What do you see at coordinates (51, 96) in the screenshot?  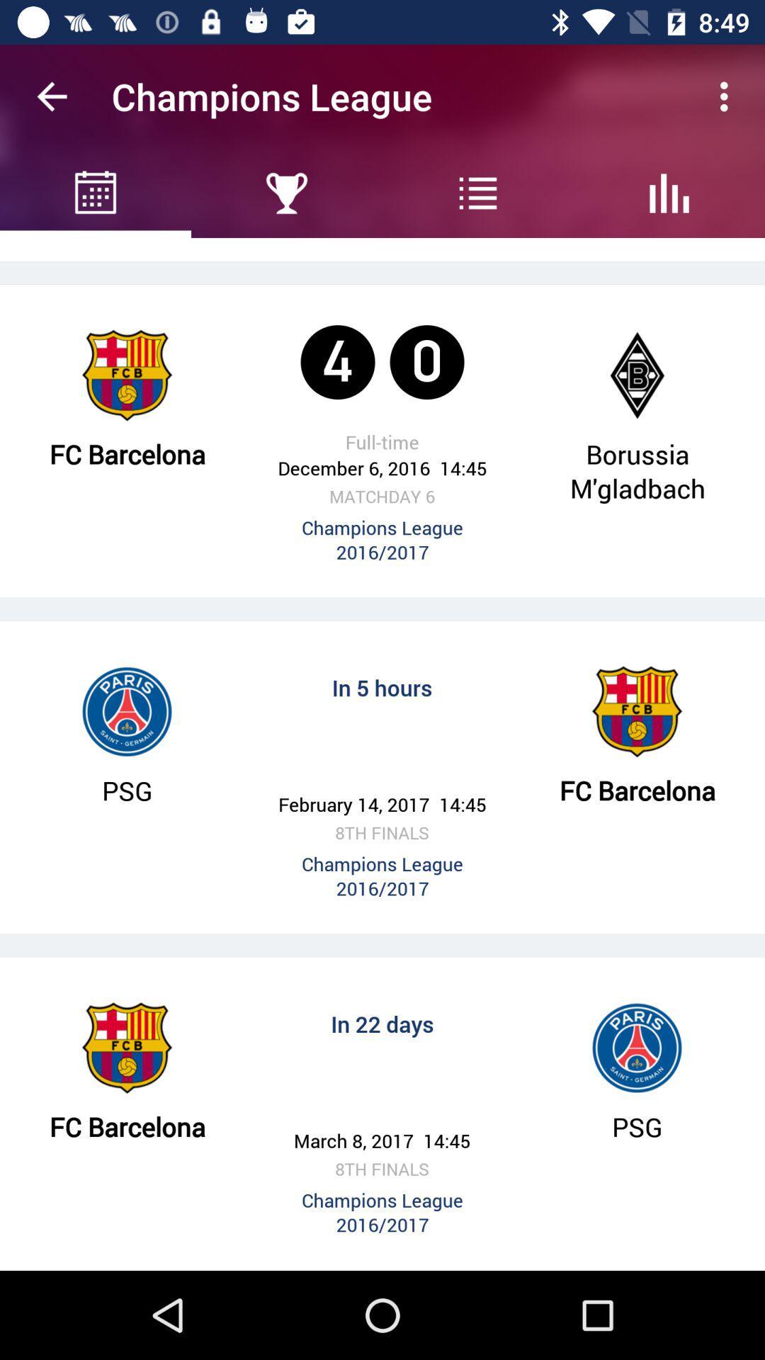 I see `item to the left of champions league item` at bounding box center [51, 96].